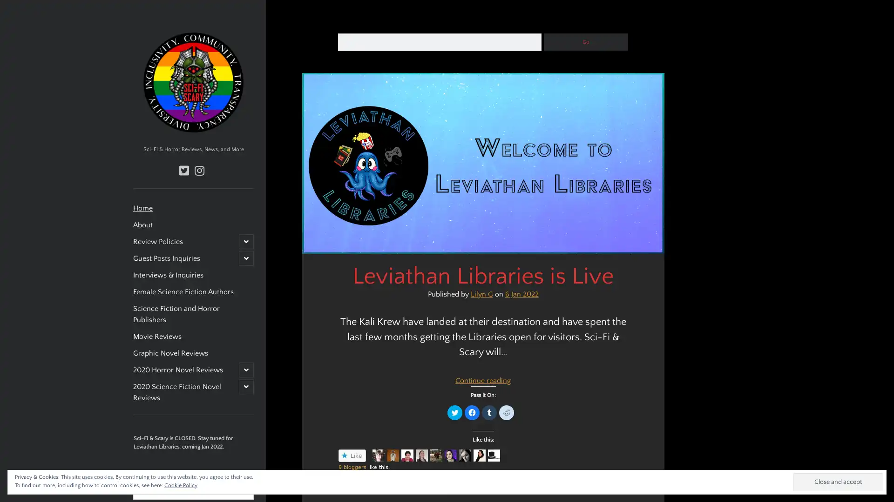 The image size is (894, 502). What do you see at coordinates (246, 369) in the screenshot?
I see `open child menu` at bounding box center [246, 369].